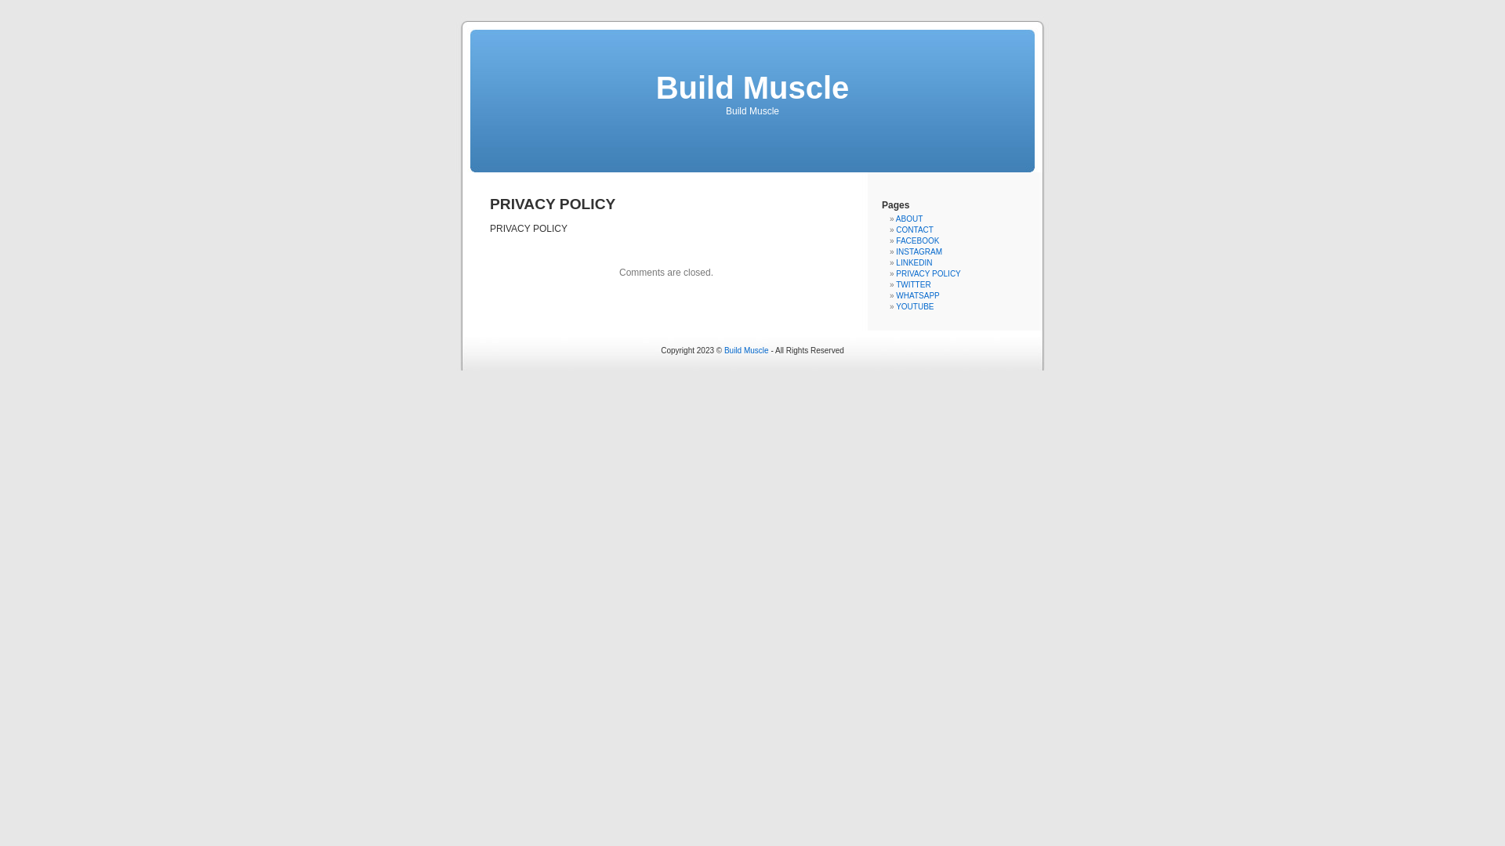 This screenshot has width=1505, height=846. Describe the element at coordinates (917, 295) in the screenshot. I see `'WHATSAPP'` at that location.